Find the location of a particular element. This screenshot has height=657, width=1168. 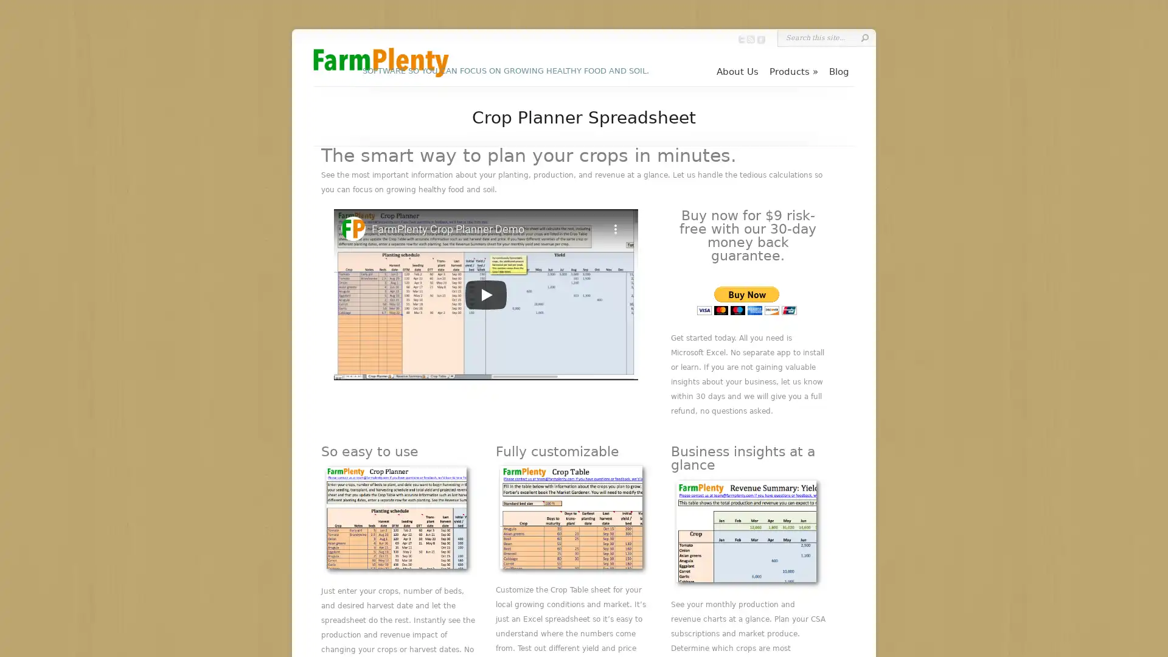

Submit is located at coordinates (864, 37).